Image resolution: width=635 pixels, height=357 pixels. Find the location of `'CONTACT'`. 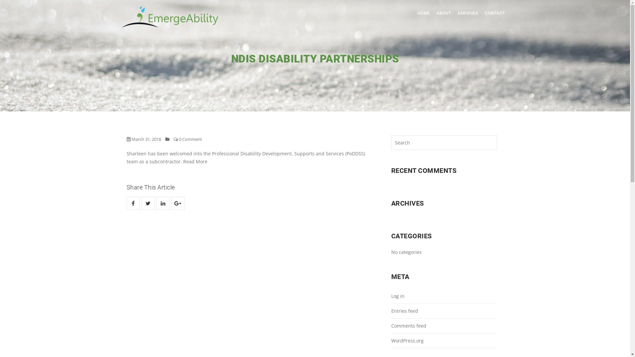

'CONTACT' is located at coordinates (481, 13).